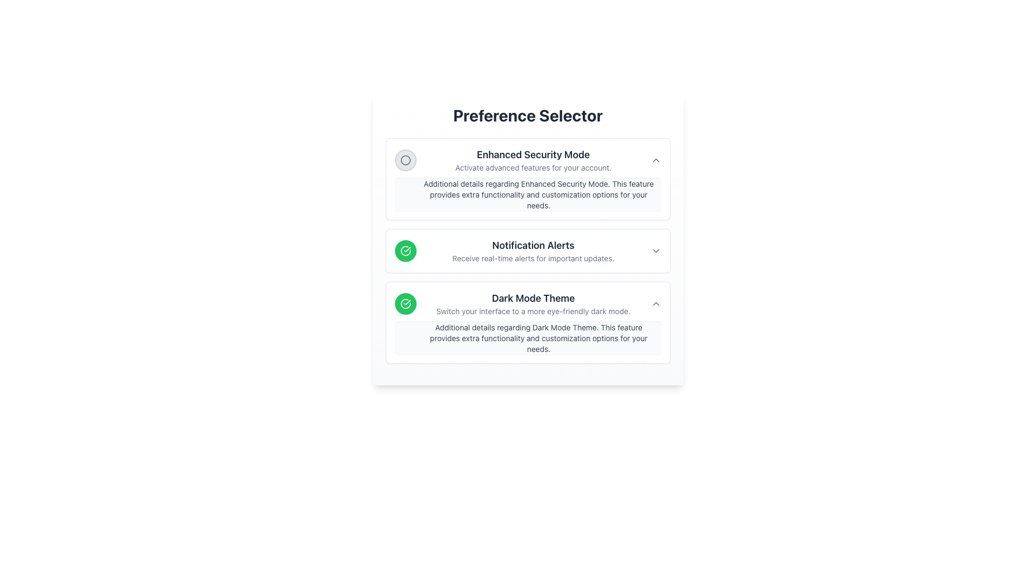  What do you see at coordinates (655, 304) in the screenshot?
I see `the Chevron Collapse/Expand Control button located to the right of the 'Dark Mode Theme' text` at bounding box center [655, 304].